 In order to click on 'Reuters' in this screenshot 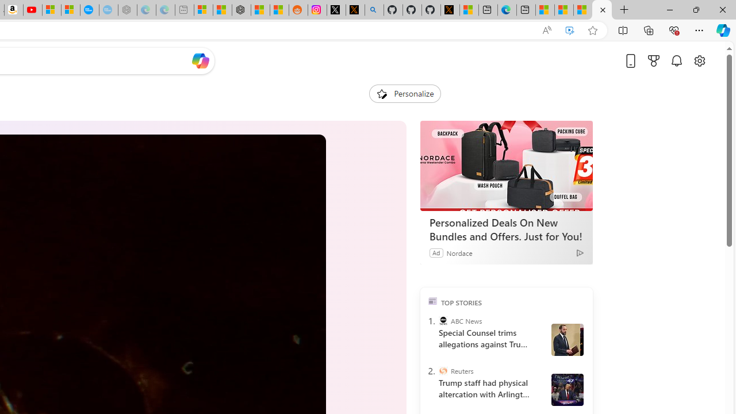, I will do `click(442, 371)`.